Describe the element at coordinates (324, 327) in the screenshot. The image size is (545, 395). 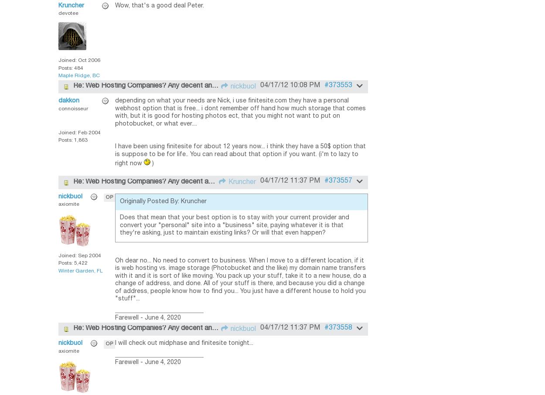
I see `'#373558'` at that location.